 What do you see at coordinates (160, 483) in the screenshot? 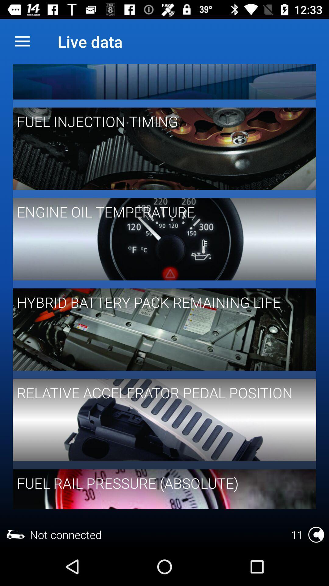
I see `the fuel rail pressure` at bounding box center [160, 483].